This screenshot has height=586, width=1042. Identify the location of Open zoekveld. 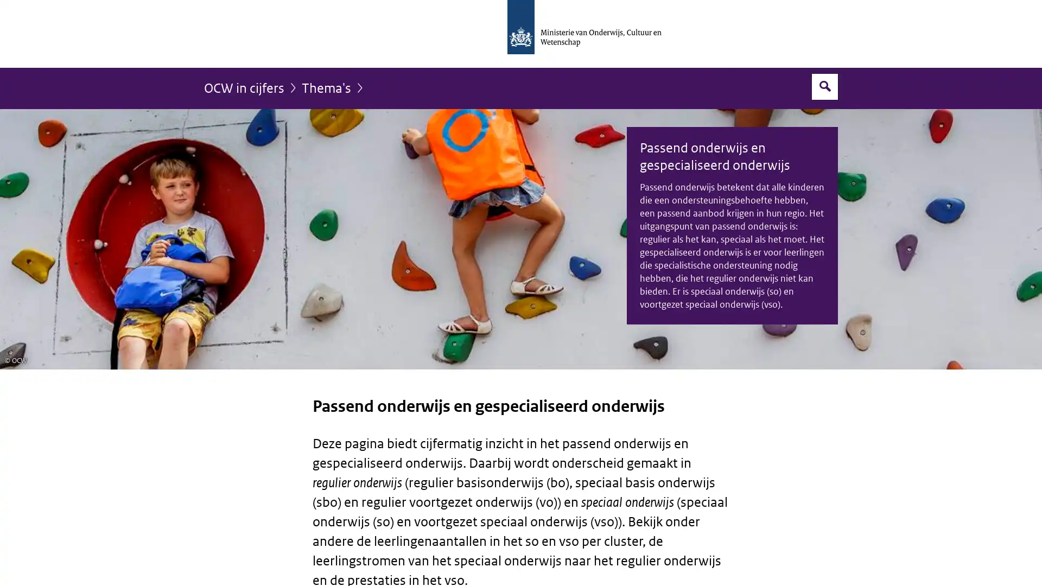
(825, 86).